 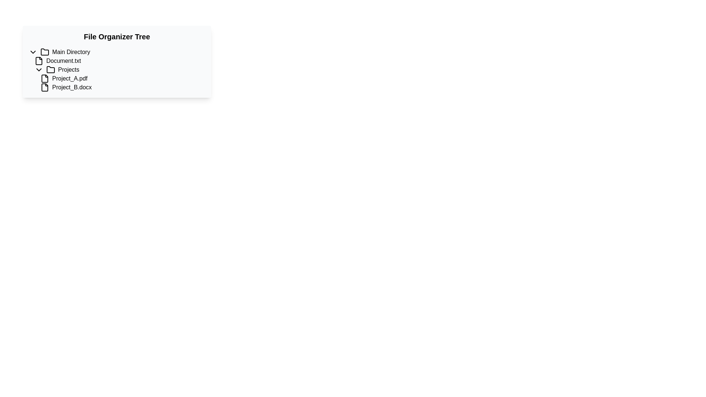 I want to click on the text label representing the file named 'Project_B.docx' located under the 'Projects' folder in the file tree, so click(x=72, y=87).